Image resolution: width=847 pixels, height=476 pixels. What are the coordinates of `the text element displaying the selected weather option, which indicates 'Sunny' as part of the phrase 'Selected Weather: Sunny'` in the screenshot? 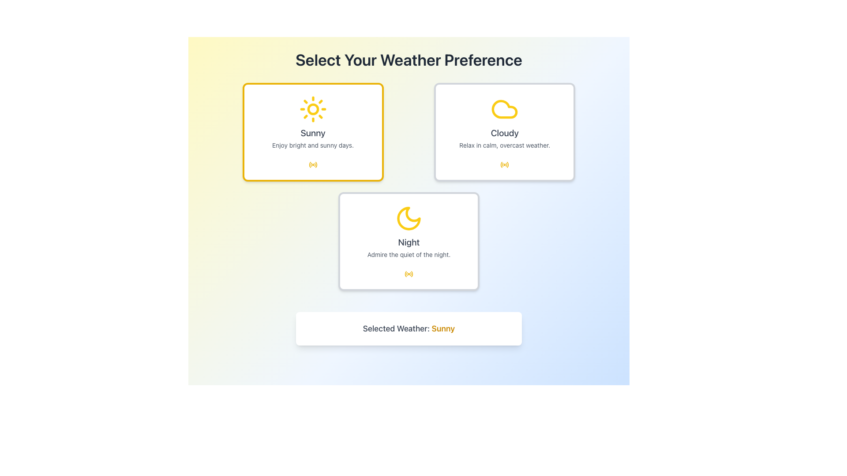 It's located at (443, 328).